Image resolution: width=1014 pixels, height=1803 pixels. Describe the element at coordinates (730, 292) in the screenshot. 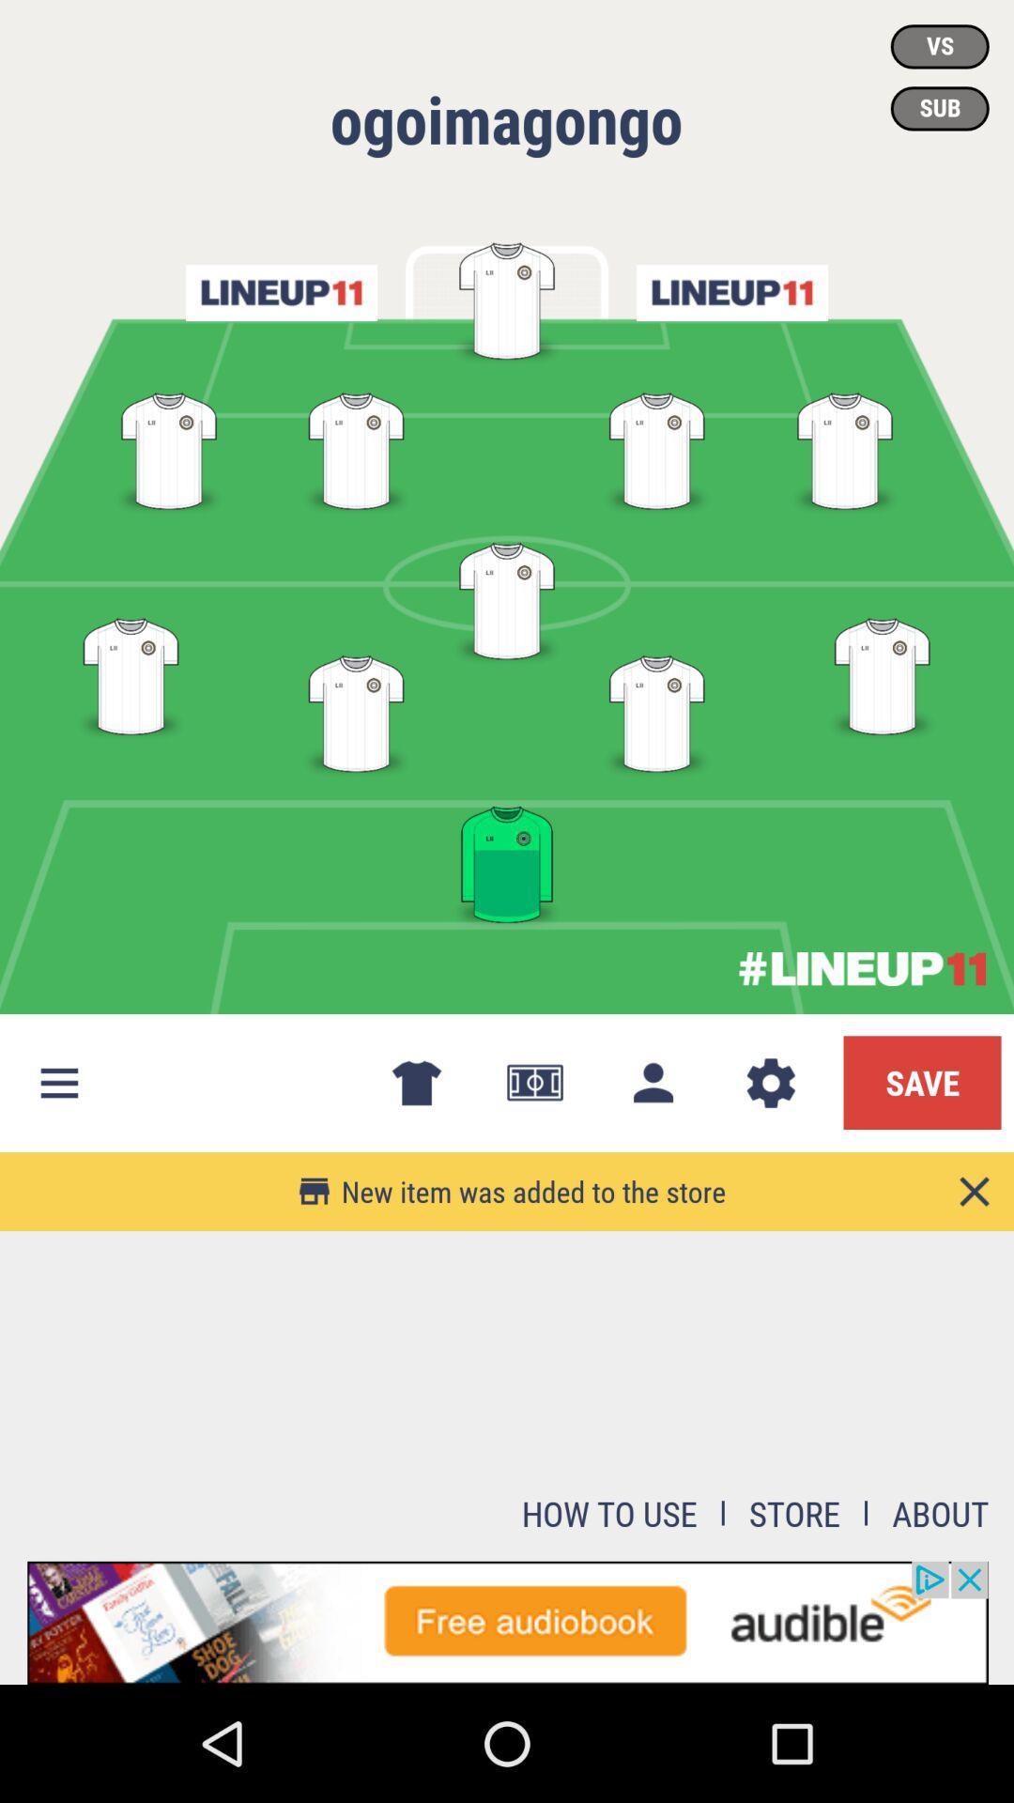

I see `the sliders icon` at that location.